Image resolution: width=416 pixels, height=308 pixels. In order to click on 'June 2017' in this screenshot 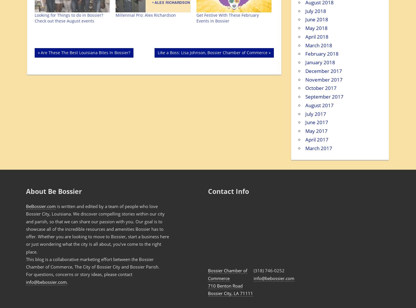, I will do `click(316, 122)`.